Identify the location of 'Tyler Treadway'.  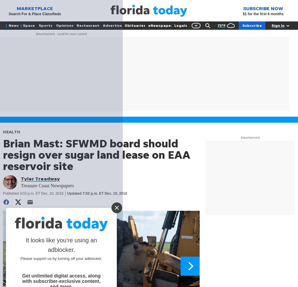
(40, 178).